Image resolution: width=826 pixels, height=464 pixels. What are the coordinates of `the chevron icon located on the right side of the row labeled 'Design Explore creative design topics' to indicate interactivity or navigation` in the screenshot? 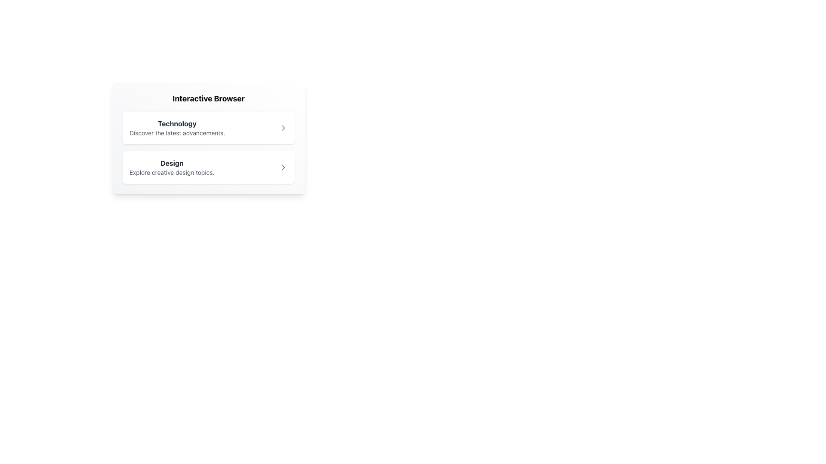 It's located at (283, 167).